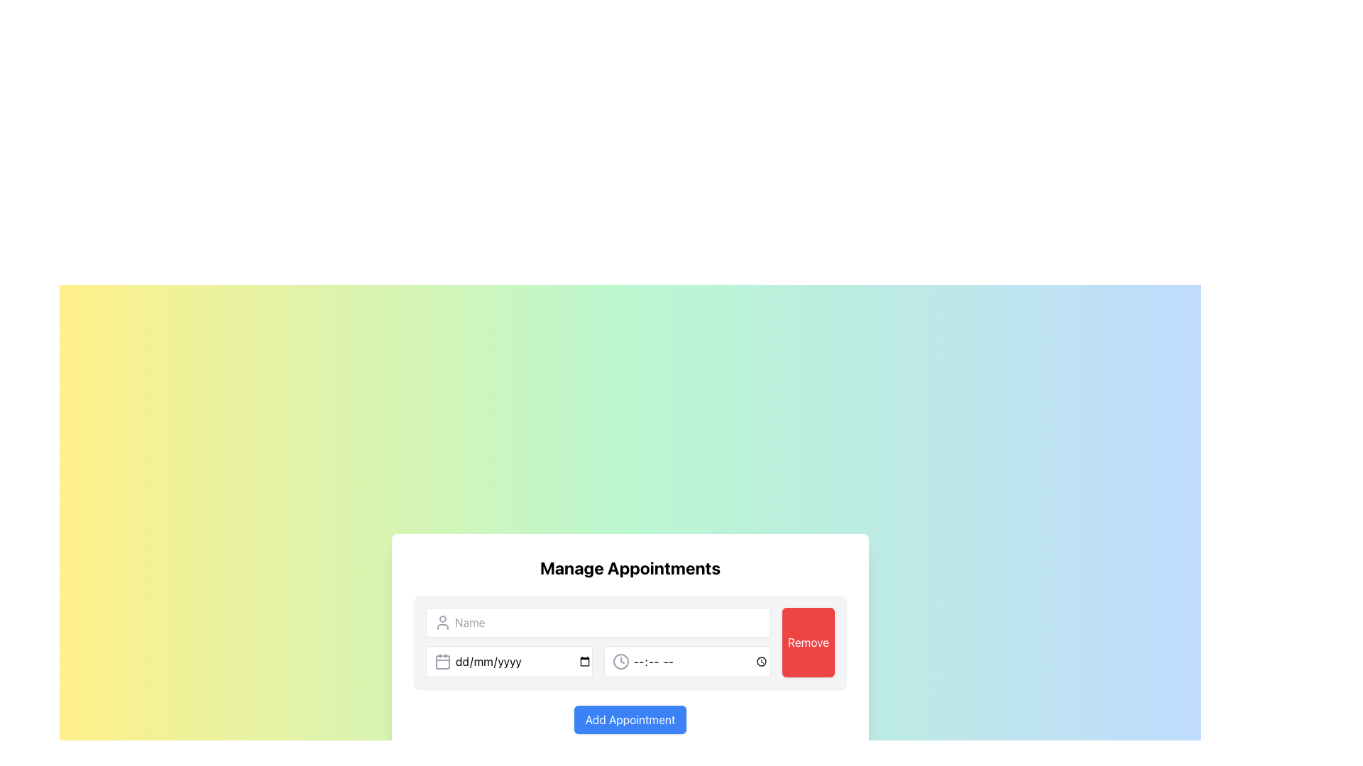  Describe the element at coordinates (442, 662) in the screenshot. I see `the small rectangle with rounded corners resembling a date icon, which is centrally located within the calendar icon component to the left of the input field labeled 'dd/mm/yyyy'` at that location.